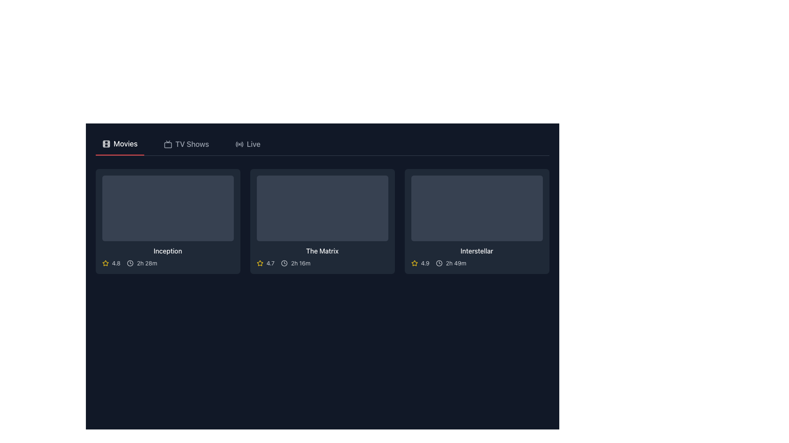 This screenshot has height=443, width=789. Describe the element at coordinates (477, 251) in the screenshot. I see `the text label displaying 'Interstellar' in white font, located in the third movie card, centered below the image placeholder` at that location.